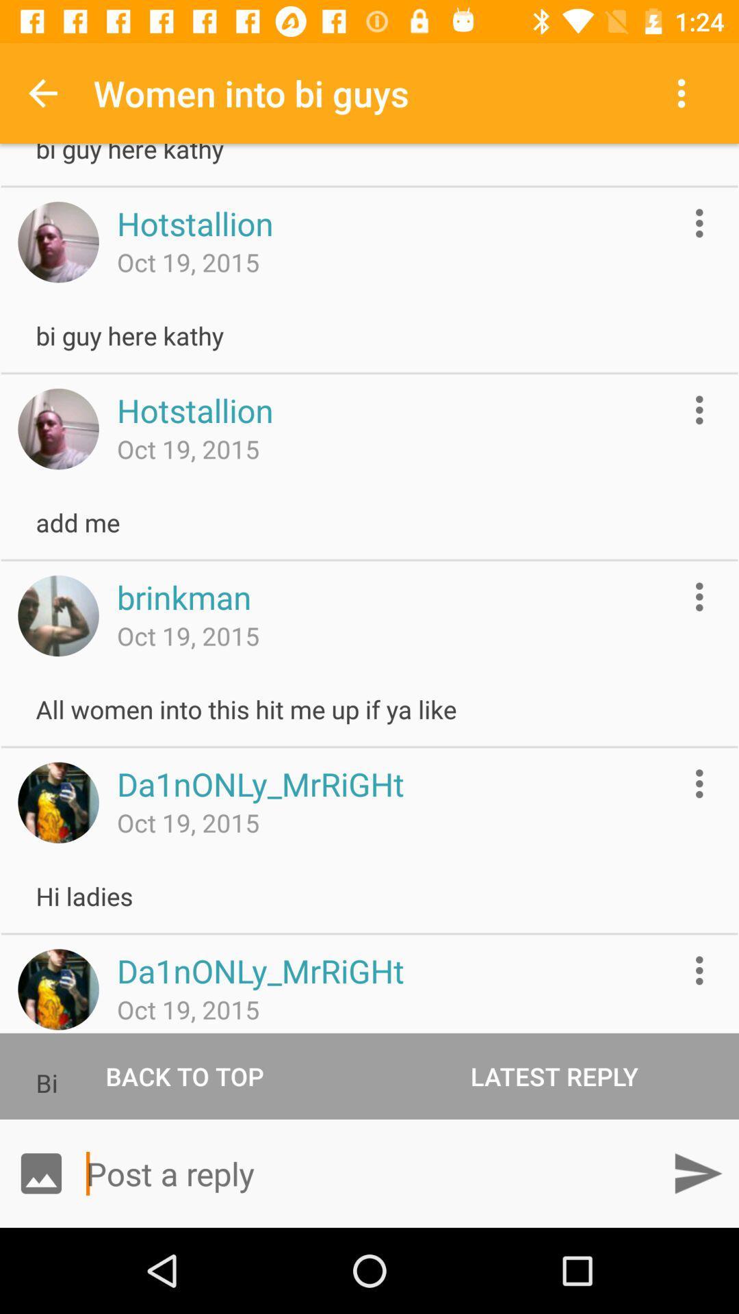 This screenshot has height=1314, width=739. I want to click on open photos, so click(40, 1172).